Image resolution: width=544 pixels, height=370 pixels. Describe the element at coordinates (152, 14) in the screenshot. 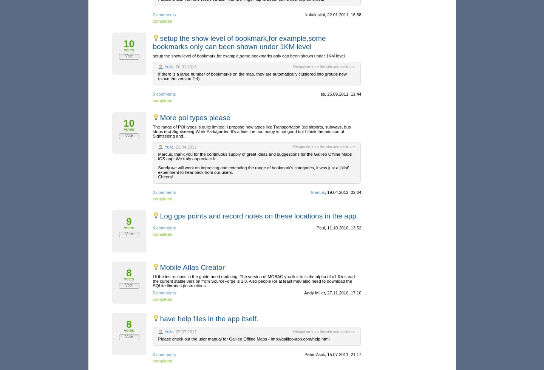

I see `'2 comments'` at that location.